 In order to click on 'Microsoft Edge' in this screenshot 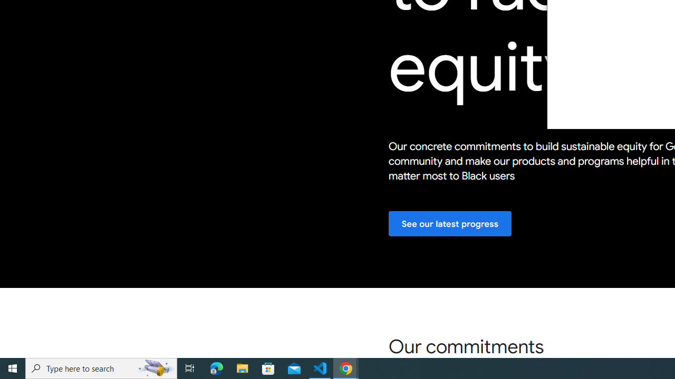, I will do `click(216, 367)`.